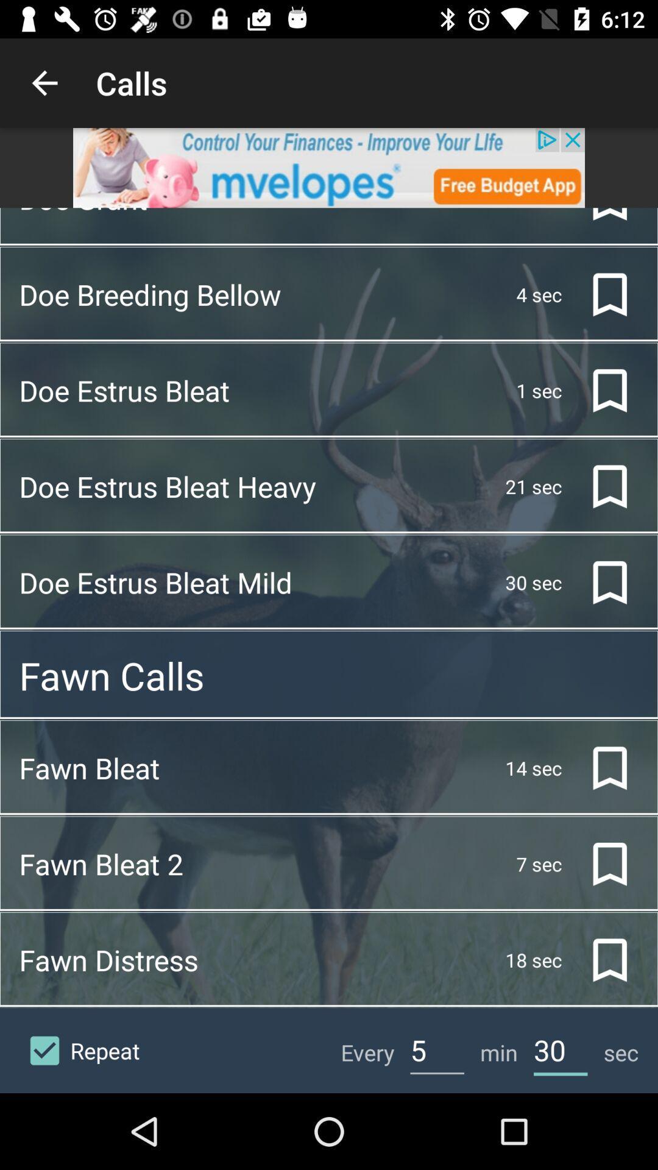 This screenshot has height=1170, width=658. Describe the element at coordinates (600, 294) in the screenshot. I see `the bookmark icon` at that location.